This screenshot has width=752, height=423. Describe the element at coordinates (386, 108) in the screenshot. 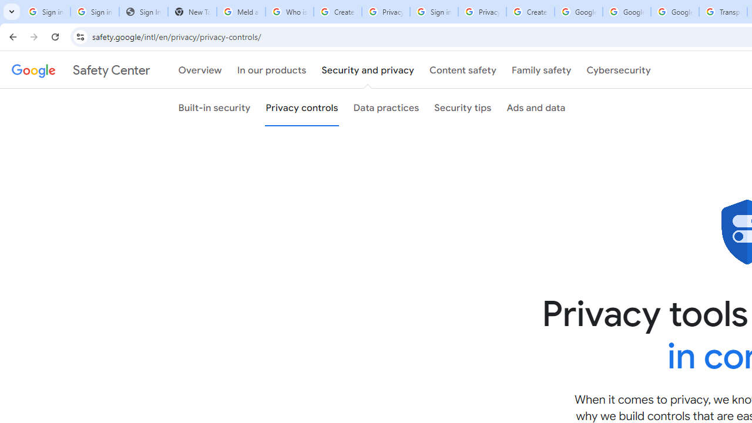

I see `'Data practices'` at that location.